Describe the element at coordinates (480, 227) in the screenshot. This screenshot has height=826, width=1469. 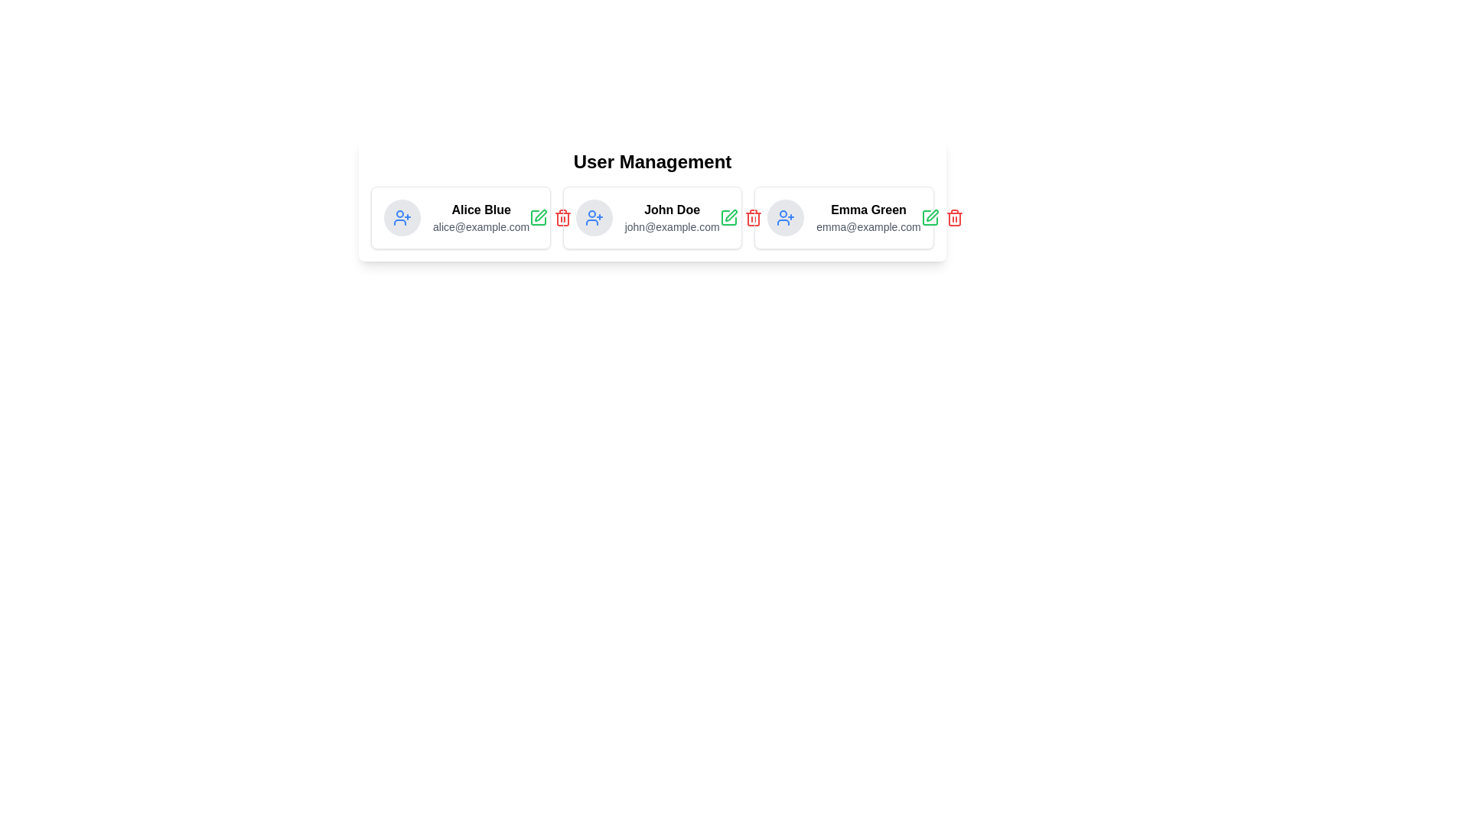
I see `the non-interactive email address display for user 'Alice Blue' located in the user card layout` at that location.